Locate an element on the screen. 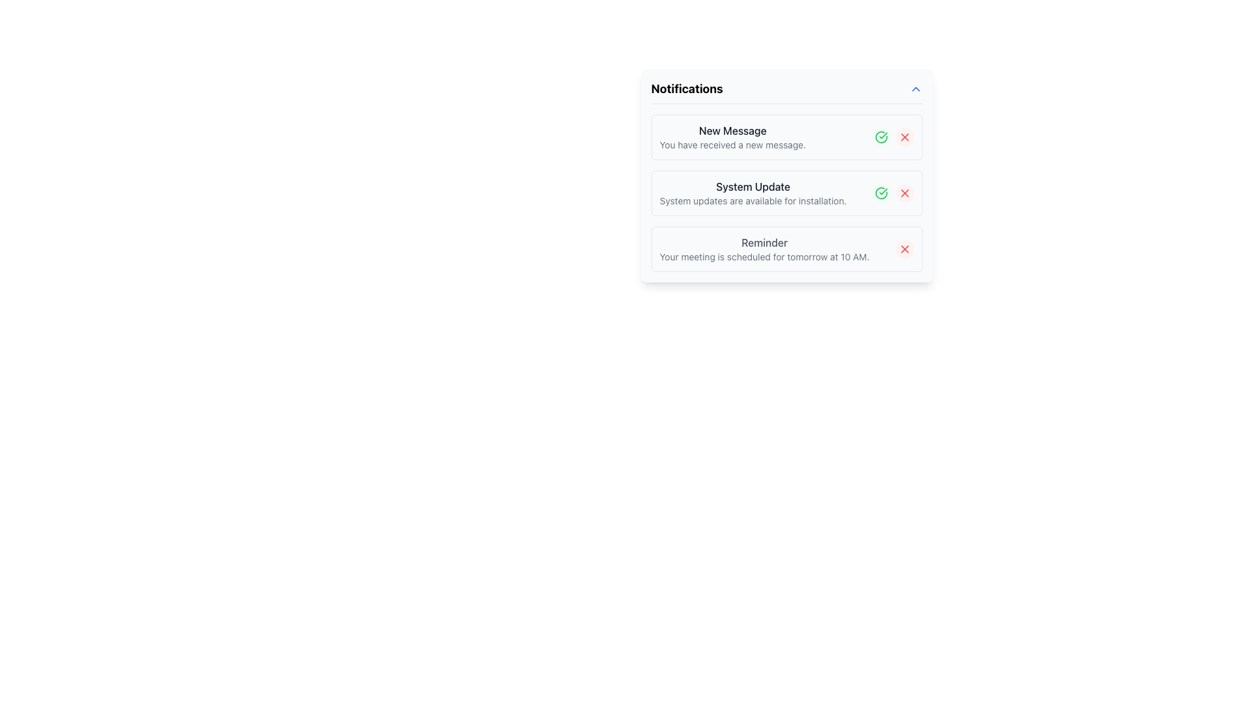 Image resolution: width=1251 pixels, height=703 pixels. the static text displaying 'System updates are available for installation.' which is located in the second position of the 'System Update' notification card is located at coordinates (753, 200).